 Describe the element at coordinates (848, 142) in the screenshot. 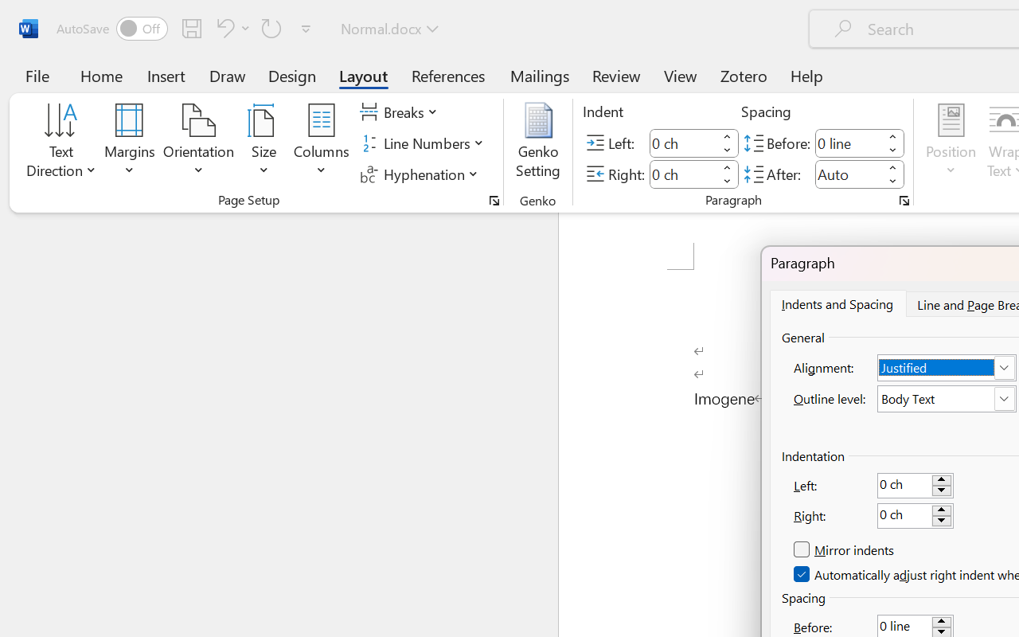

I see `'Spacing Before'` at that location.